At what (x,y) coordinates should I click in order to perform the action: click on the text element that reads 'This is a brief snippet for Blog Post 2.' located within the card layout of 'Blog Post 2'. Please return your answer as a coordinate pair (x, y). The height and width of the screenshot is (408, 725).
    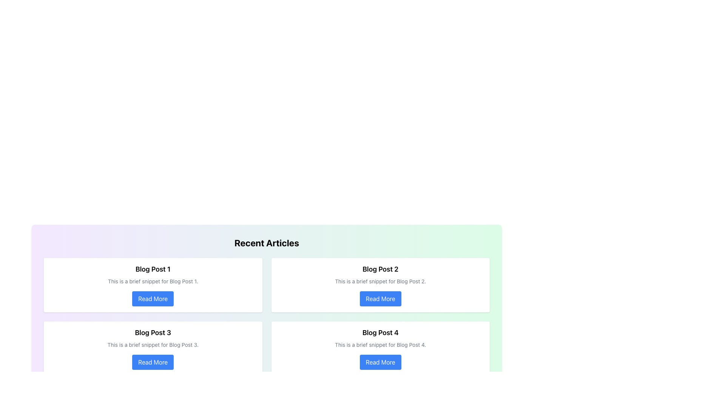
    Looking at the image, I should click on (380, 281).